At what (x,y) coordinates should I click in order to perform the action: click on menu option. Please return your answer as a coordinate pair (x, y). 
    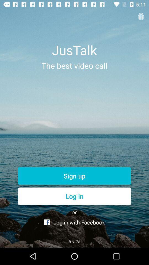
    Looking at the image, I should click on (141, 16).